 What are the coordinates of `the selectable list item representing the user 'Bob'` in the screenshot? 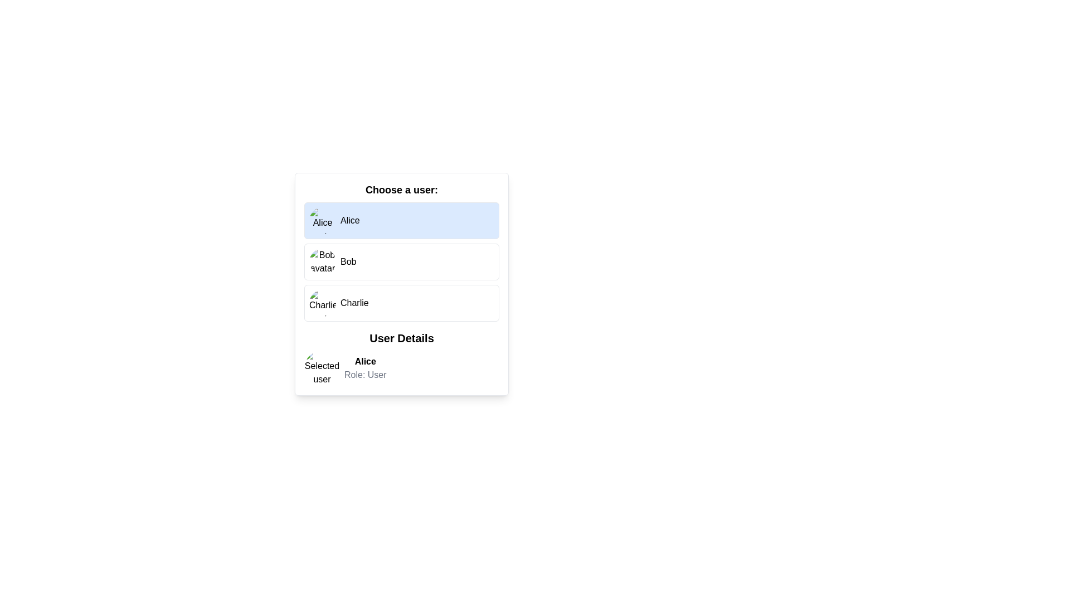 It's located at (401, 262).